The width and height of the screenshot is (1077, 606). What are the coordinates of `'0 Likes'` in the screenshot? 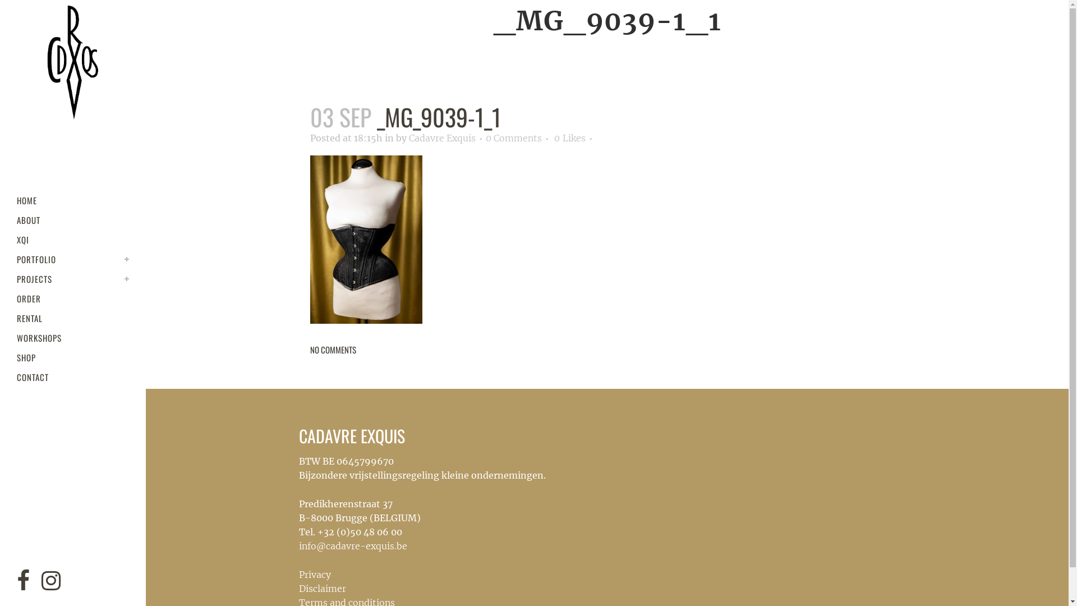 It's located at (570, 137).